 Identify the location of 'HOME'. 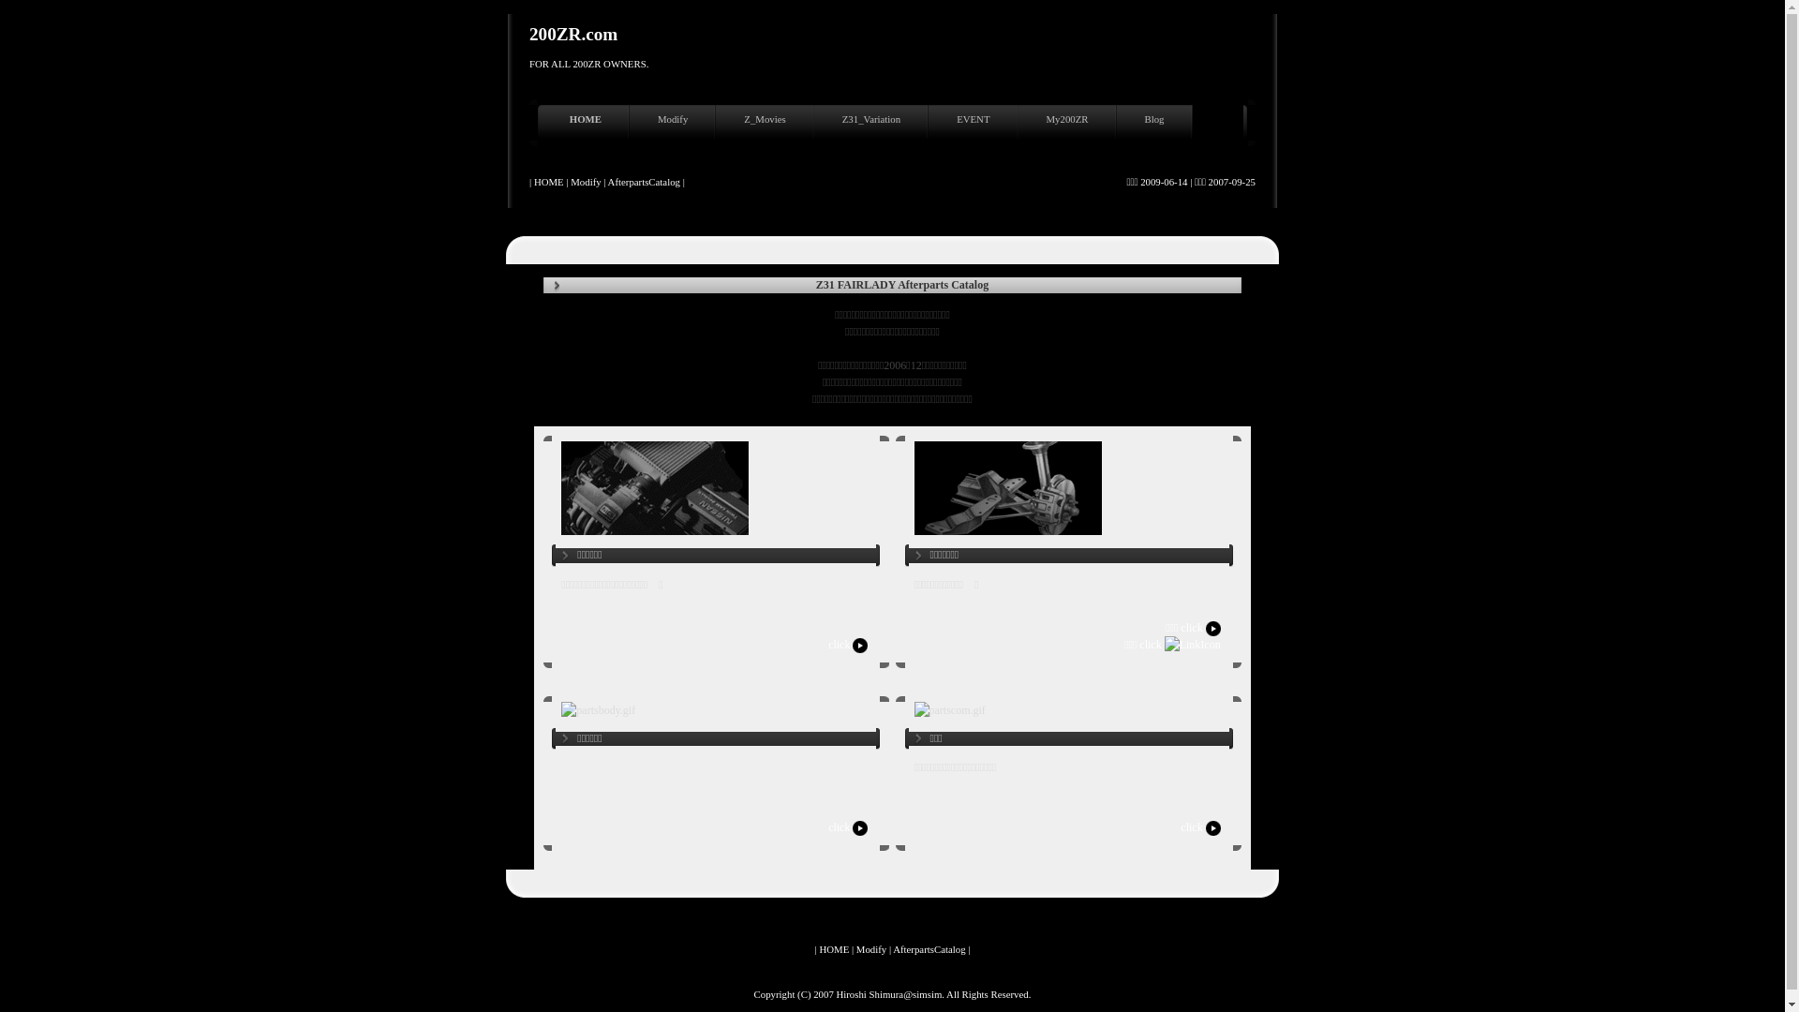
(547, 181).